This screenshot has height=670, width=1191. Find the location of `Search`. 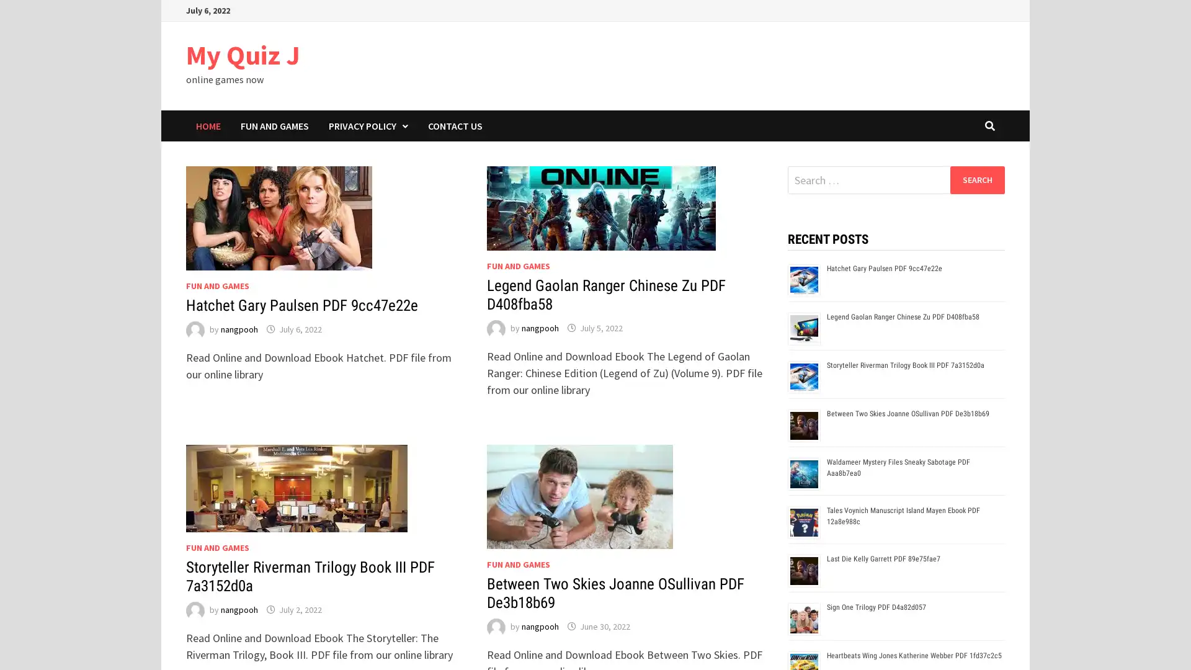

Search is located at coordinates (976, 179).